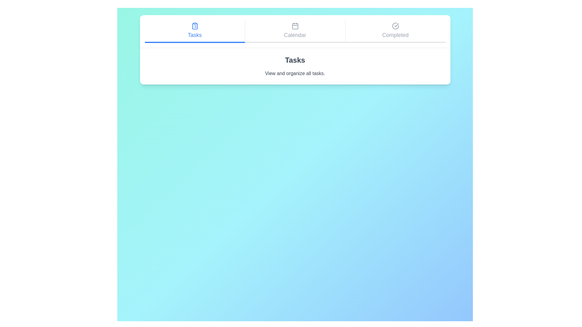  Describe the element at coordinates (395, 31) in the screenshot. I see `the Completed tab by clicking on it` at that location.